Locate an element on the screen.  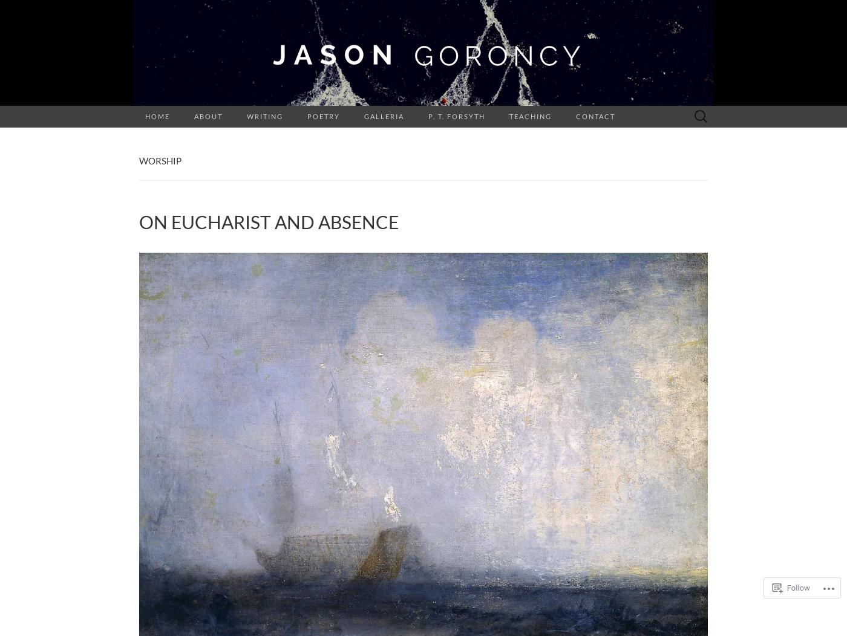
'About' is located at coordinates (208, 116).